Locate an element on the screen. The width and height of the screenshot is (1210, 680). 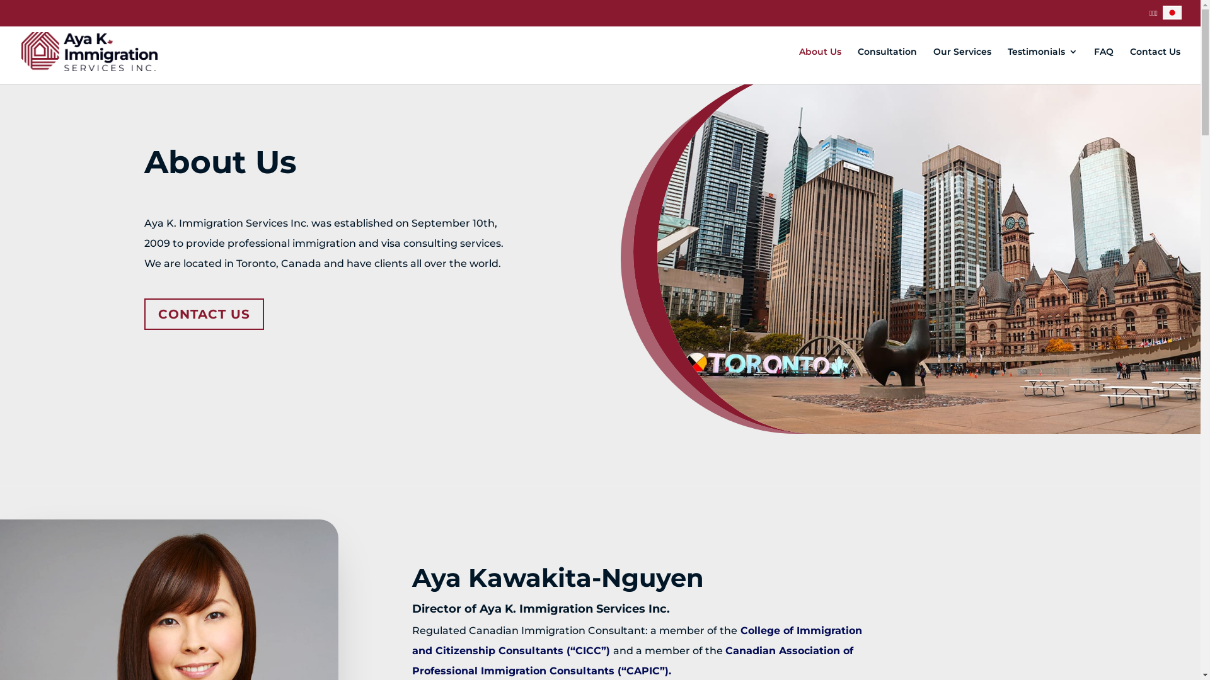
'About Us' is located at coordinates (820, 65).